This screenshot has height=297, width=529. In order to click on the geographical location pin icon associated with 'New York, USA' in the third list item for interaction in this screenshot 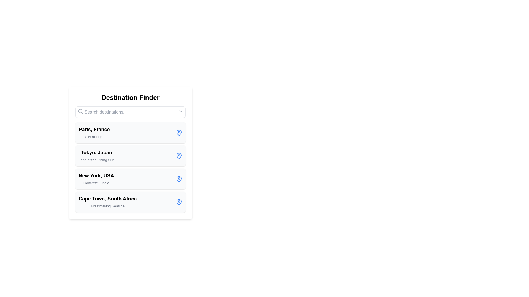, I will do `click(179, 179)`.